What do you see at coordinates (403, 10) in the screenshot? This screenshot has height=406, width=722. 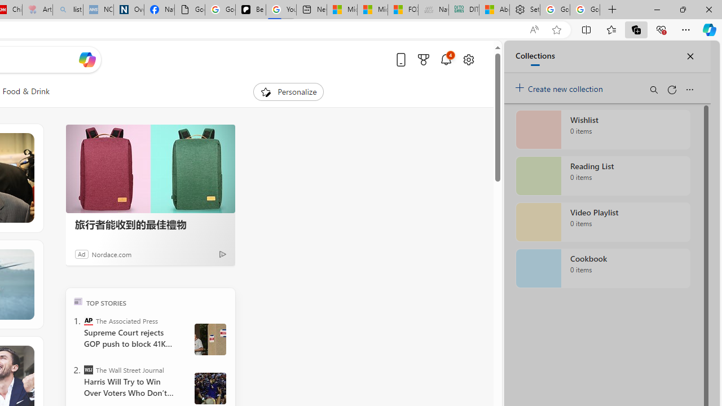 I see `'FOX News - MSN'` at bounding box center [403, 10].